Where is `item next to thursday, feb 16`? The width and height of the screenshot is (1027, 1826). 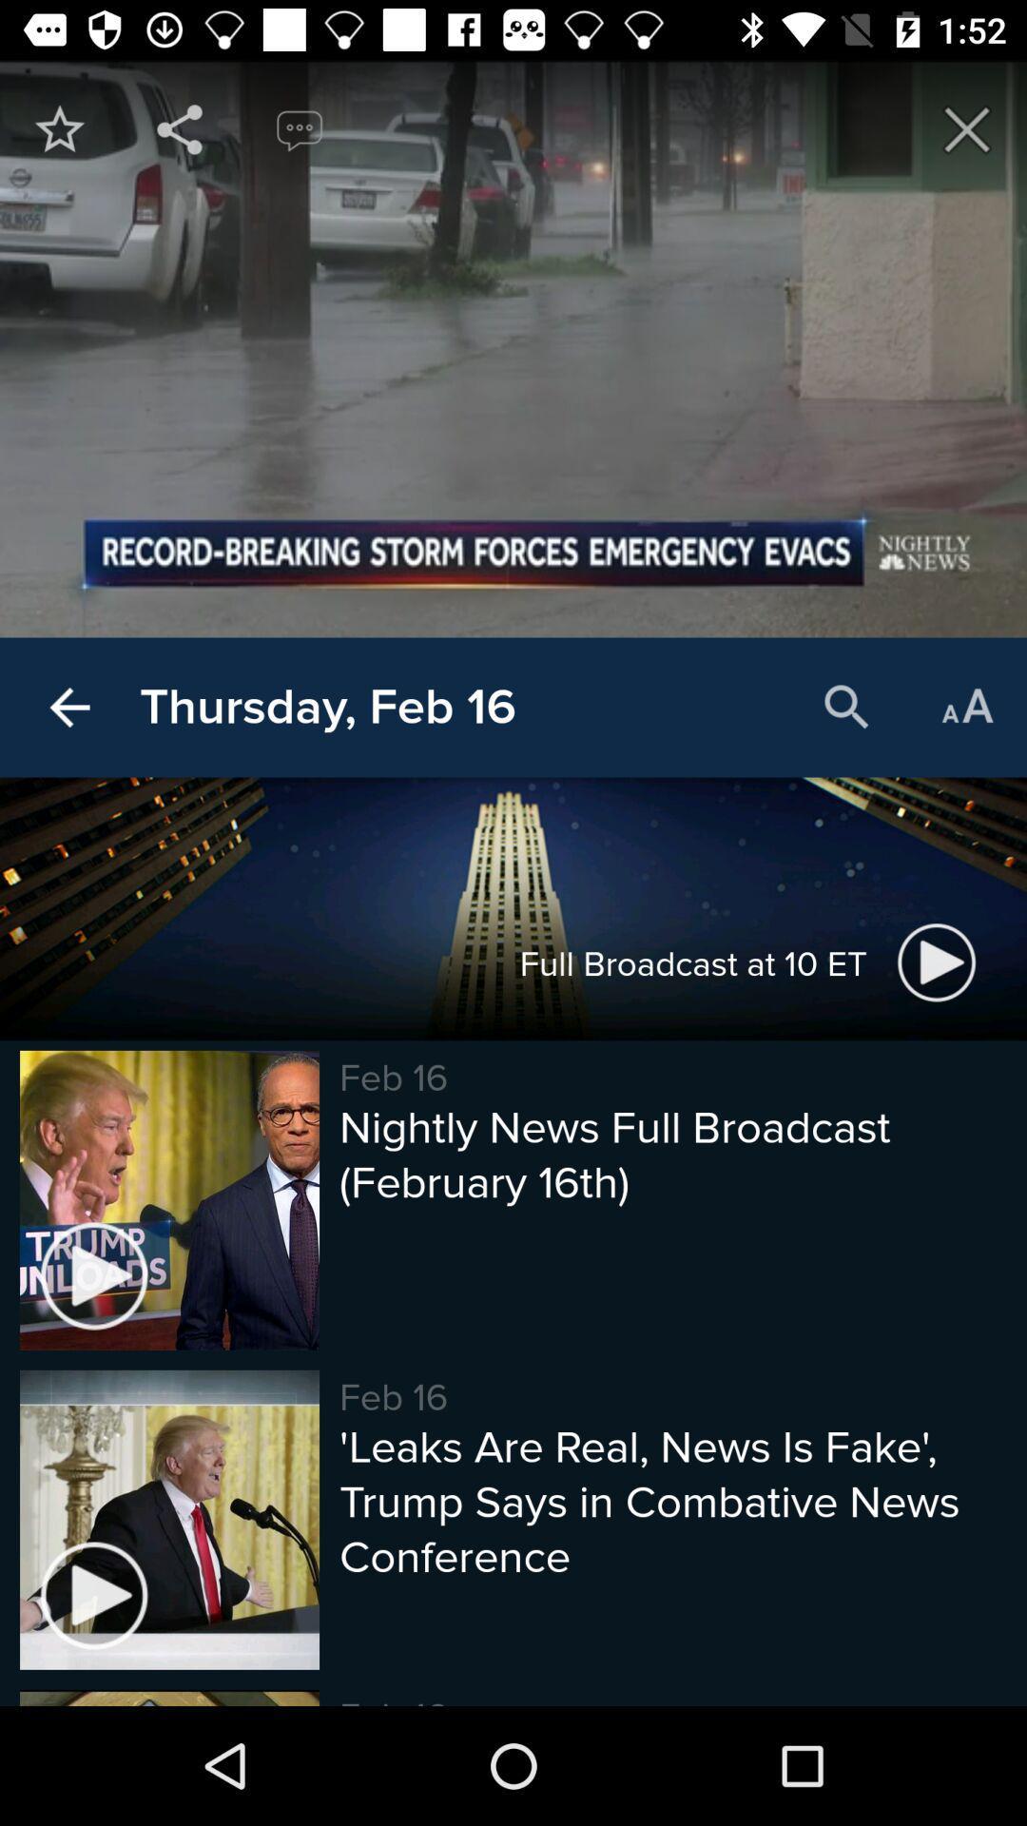
item next to thursday, feb 16 is located at coordinates (846, 707).